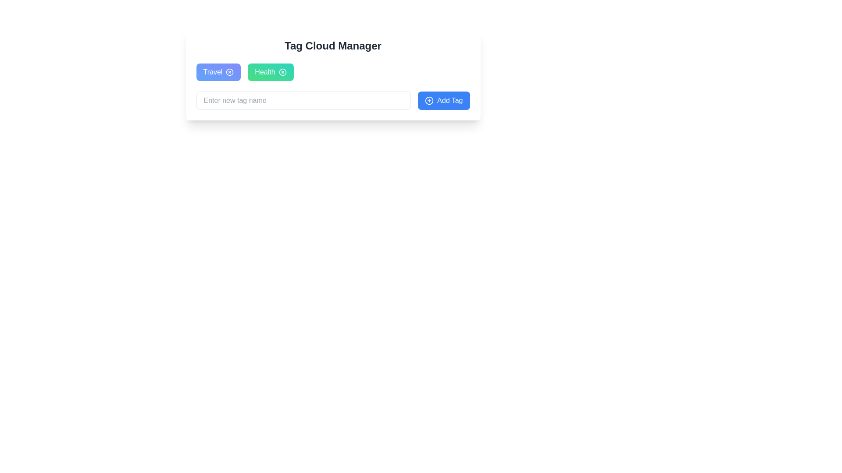  What do you see at coordinates (213, 72) in the screenshot?
I see `the 'Travel' text label inside the stylized clickable button` at bounding box center [213, 72].